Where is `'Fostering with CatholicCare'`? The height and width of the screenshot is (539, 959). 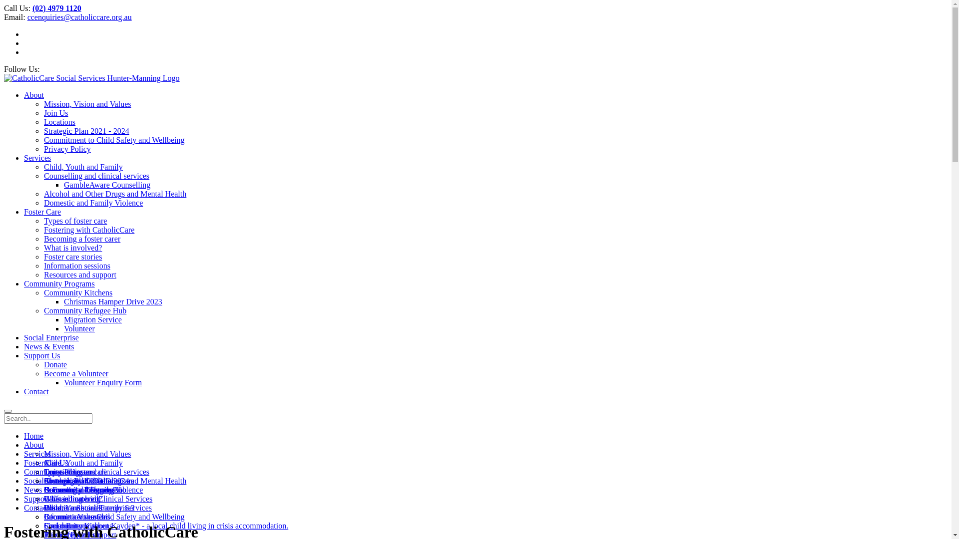
'Fostering with CatholicCare' is located at coordinates (89, 230).